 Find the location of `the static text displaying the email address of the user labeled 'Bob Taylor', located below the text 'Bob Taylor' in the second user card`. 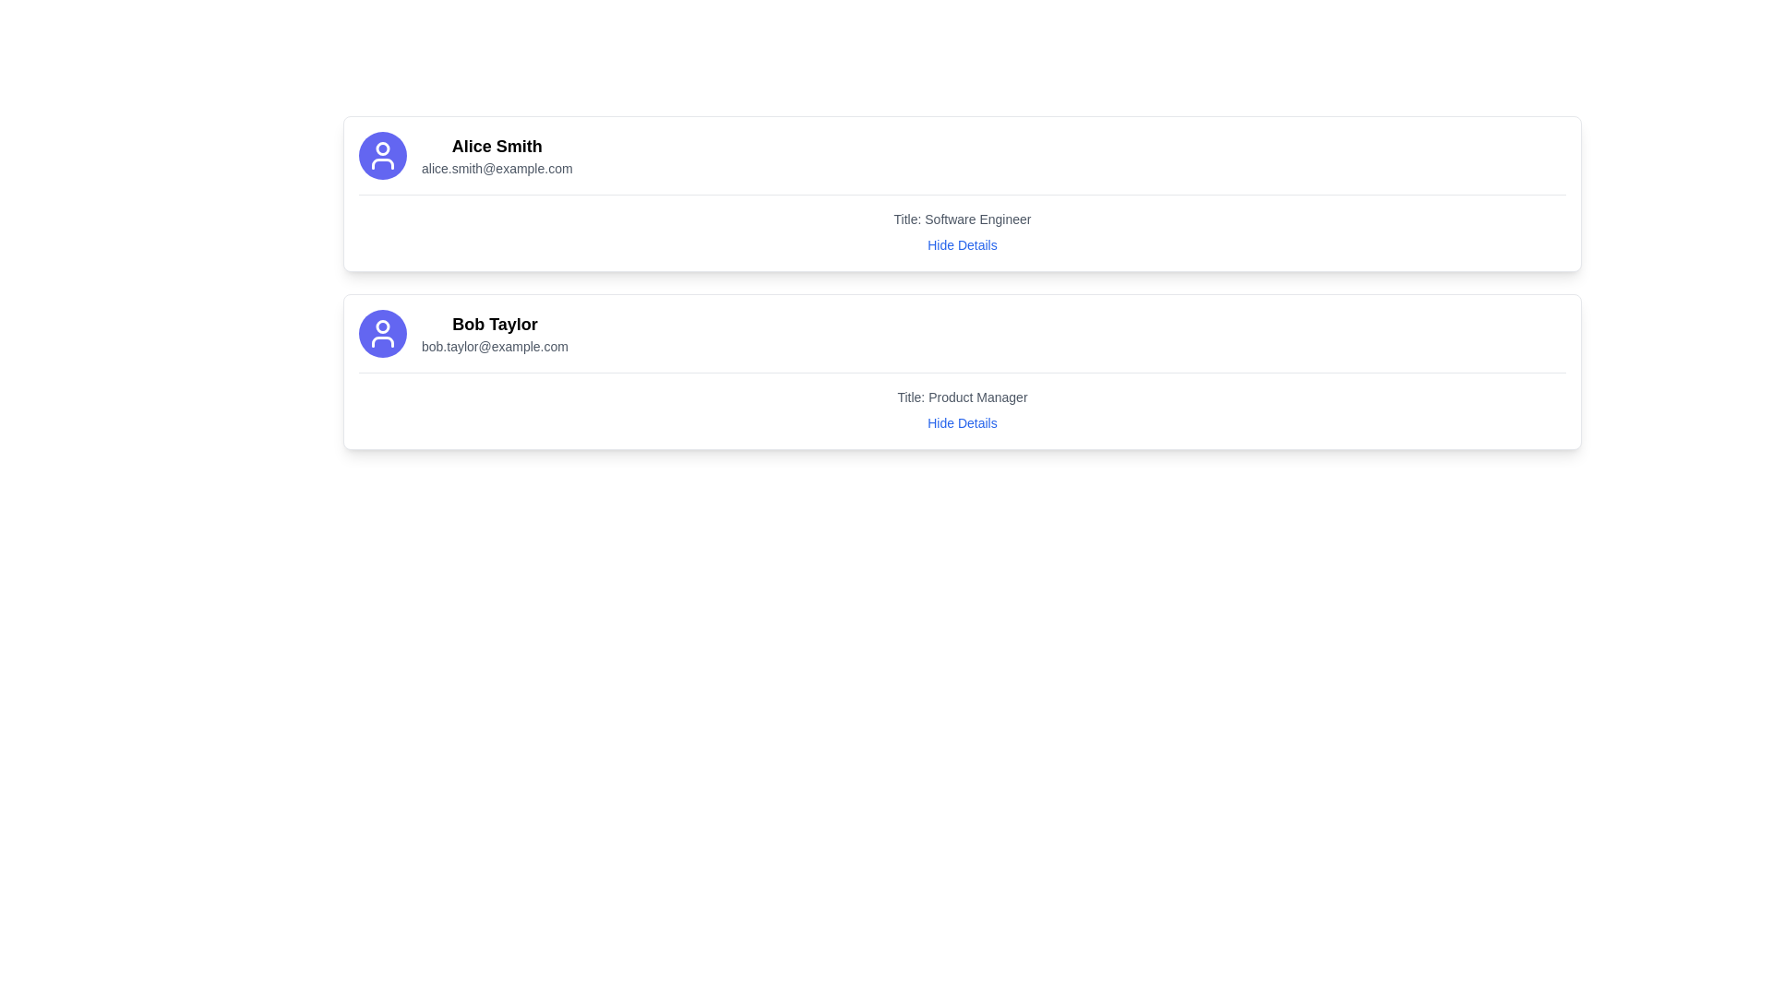

the static text displaying the email address of the user labeled 'Bob Taylor', located below the text 'Bob Taylor' in the second user card is located at coordinates (495, 346).